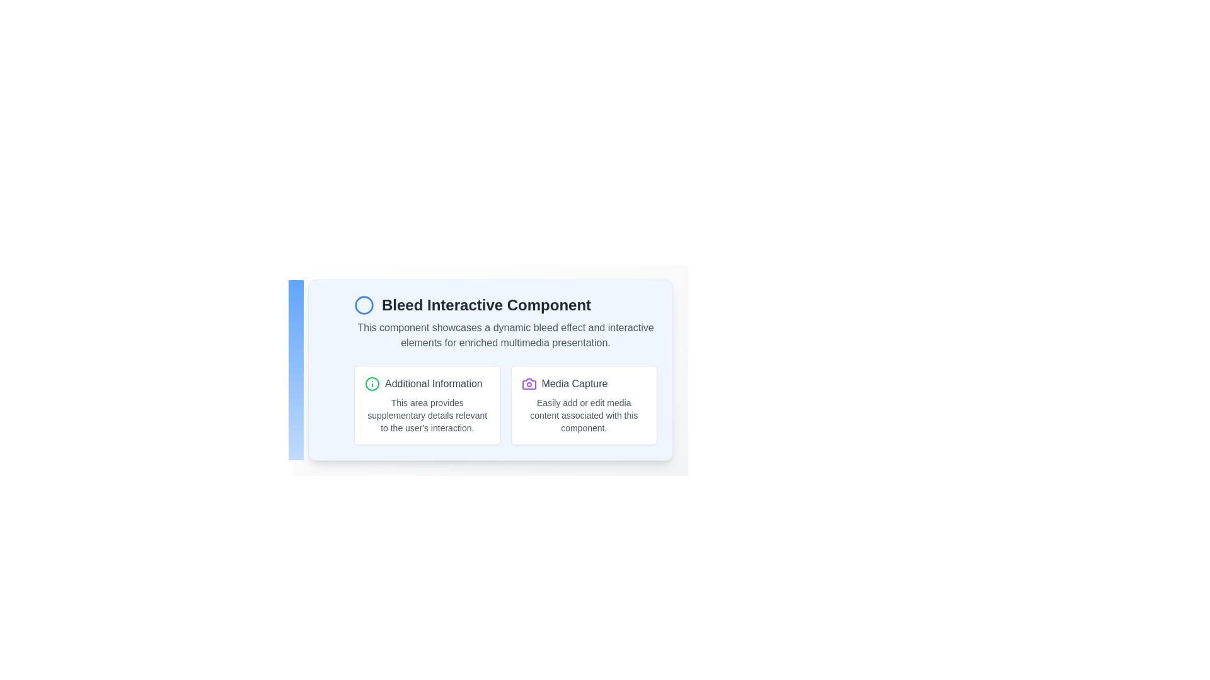  Describe the element at coordinates (583, 383) in the screenshot. I see `the displayed information on the informational label with an icon located on the right side under the header 'Bleed Interactive Component'` at that location.